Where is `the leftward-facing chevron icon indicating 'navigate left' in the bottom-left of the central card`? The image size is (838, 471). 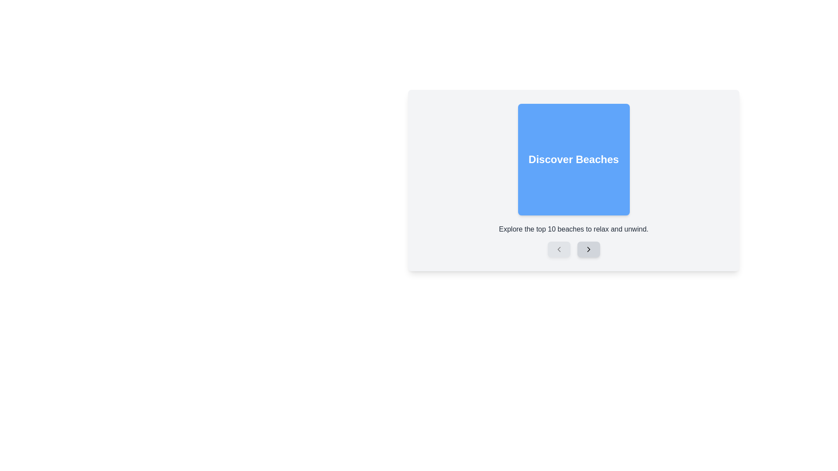 the leftward-facing chevron icon indicating 'navigate left' in the bottom-left of the central card is located at coordinates (559, 249).